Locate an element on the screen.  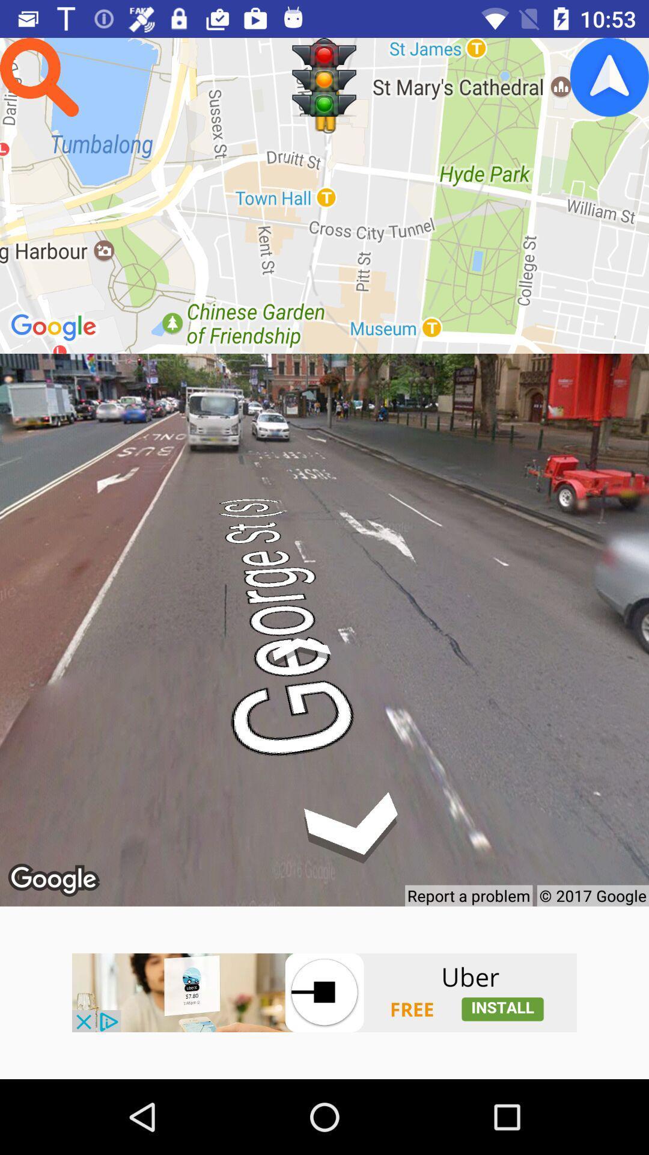
signal page is located at coordinates (323, 76).